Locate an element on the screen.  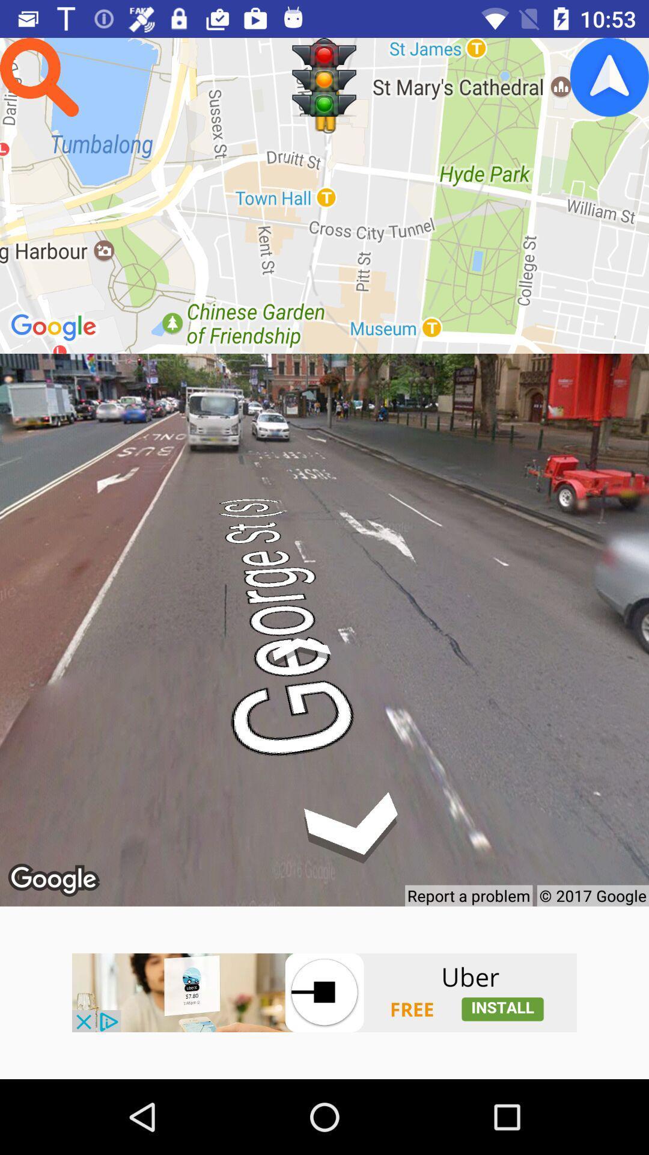
signal page is located at coordinates (323, 76).